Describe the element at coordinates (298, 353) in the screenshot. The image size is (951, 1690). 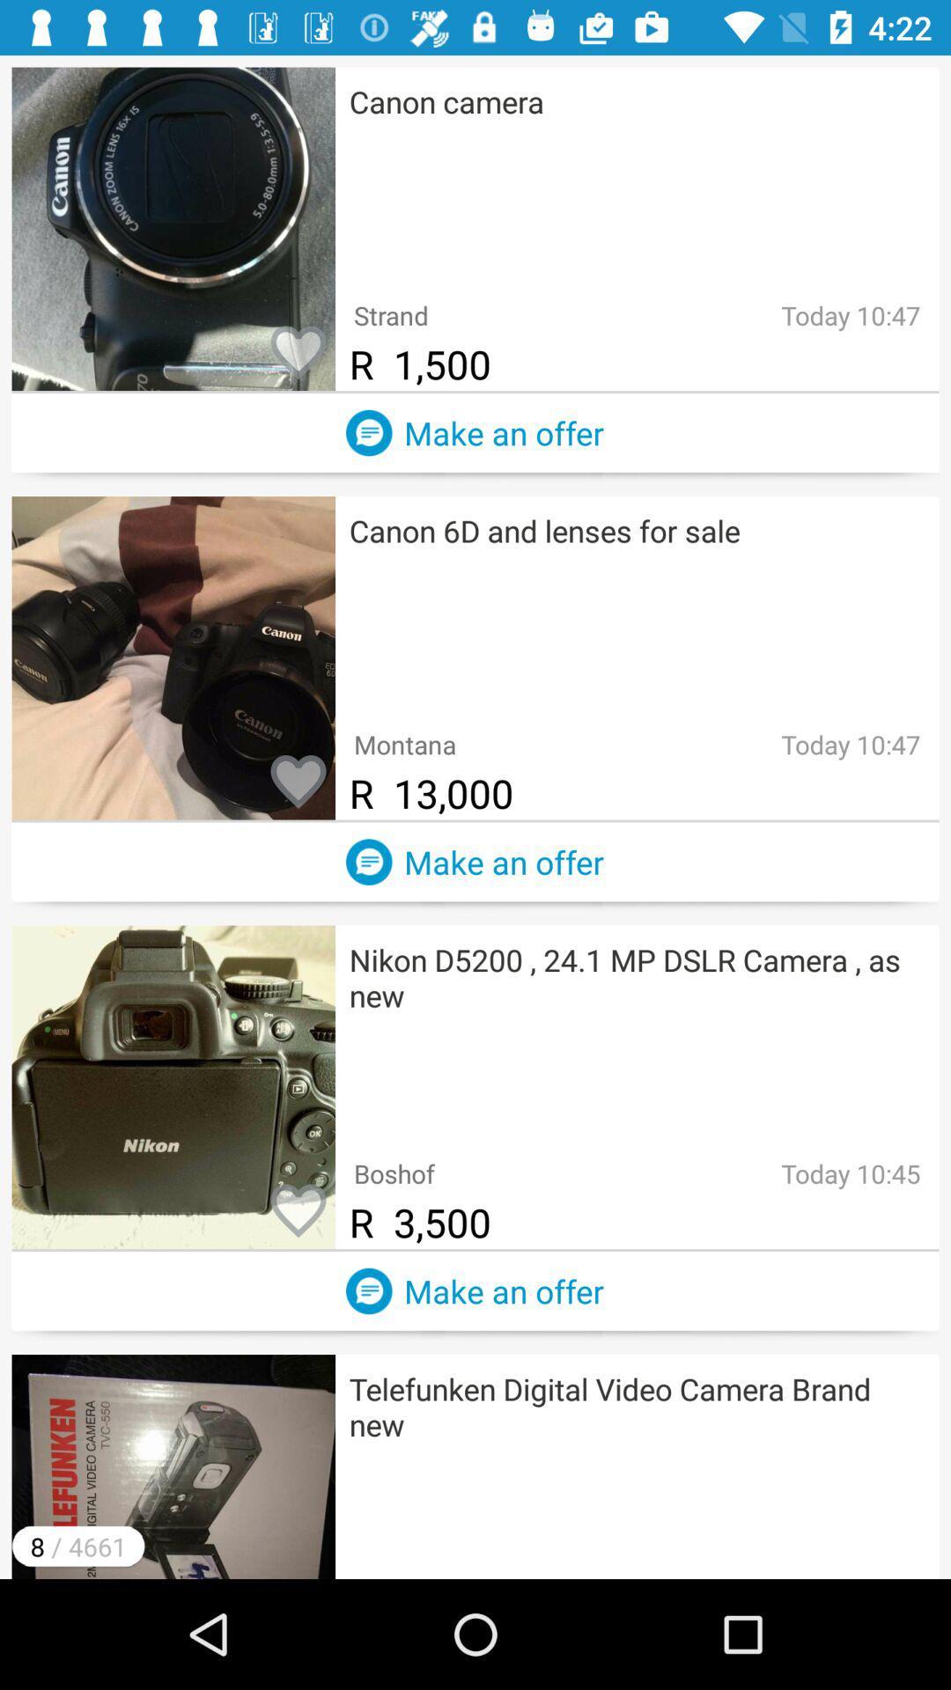
I see `like` at that location.